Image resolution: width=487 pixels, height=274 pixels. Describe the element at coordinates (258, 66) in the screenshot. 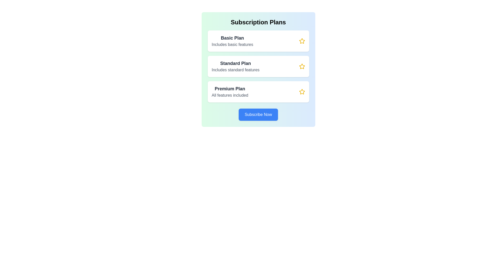

I see `the subscription plan named Standard Plan to view its details` at that location.